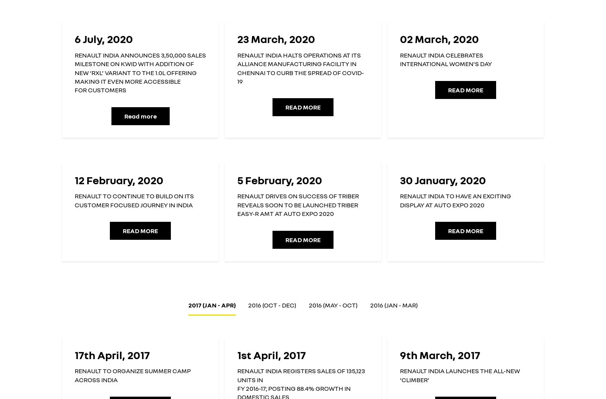 This screenshot has height=399, width=606. What do you see at coordinates (455, 200) in the screenshot?
I see `'RENAULT INDIA TO HAVE AN EXCITING DISPLAY AT AUTO EXPO 2020'` at bounding box center [455, 200].